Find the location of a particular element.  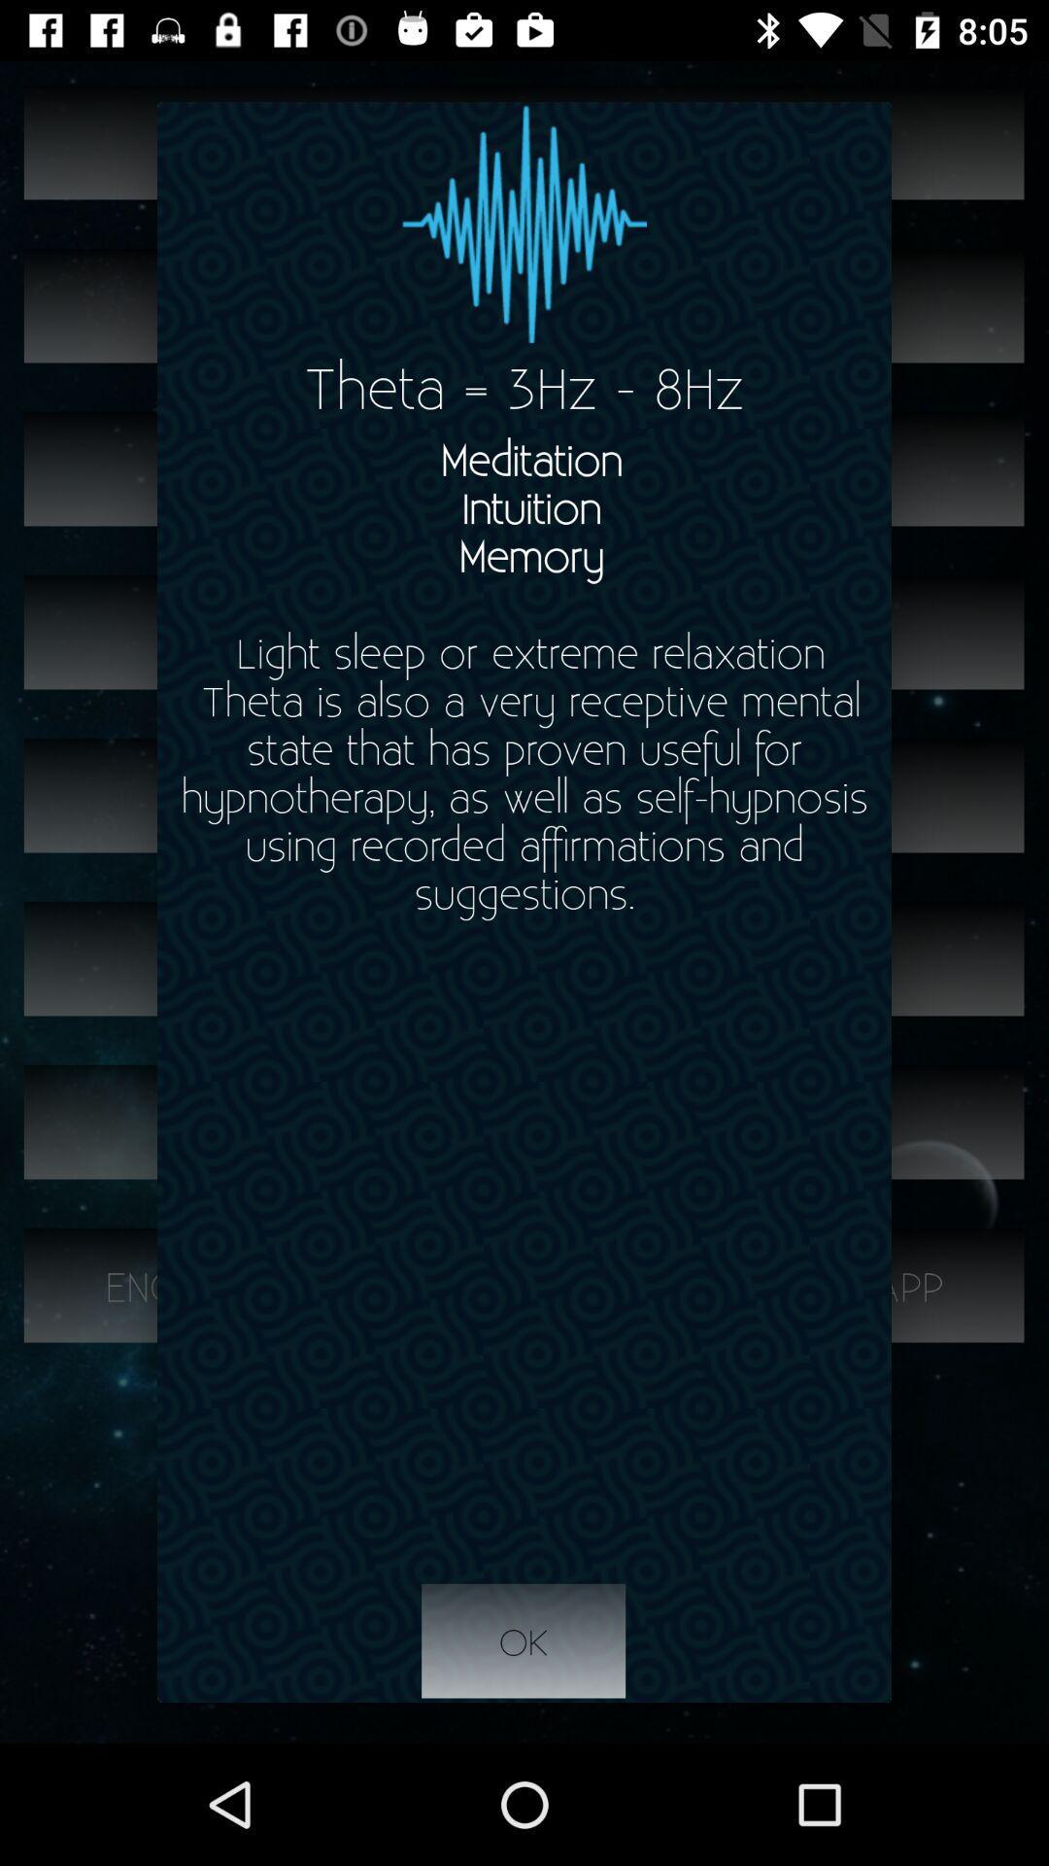

ok icon is located at coordinates (523, 1641).